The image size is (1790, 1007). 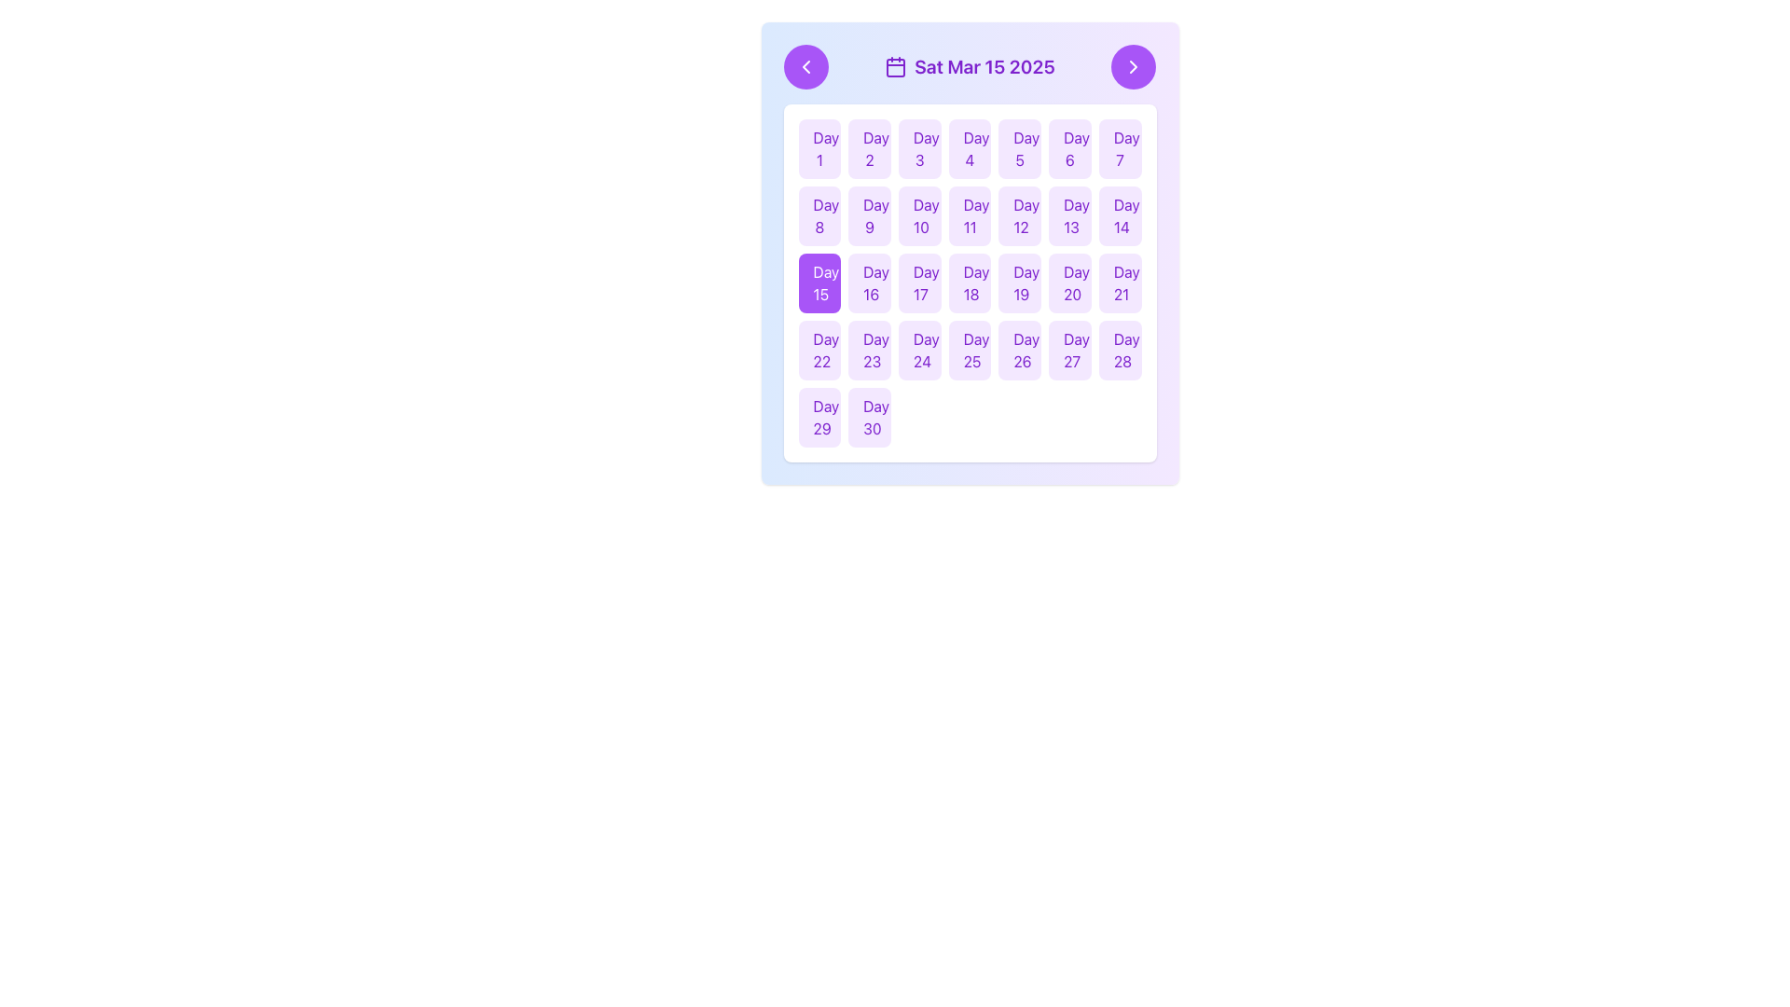 I want to click on the navigation button located on the leftmost side of the calendar header, so click(x=805, y=66).